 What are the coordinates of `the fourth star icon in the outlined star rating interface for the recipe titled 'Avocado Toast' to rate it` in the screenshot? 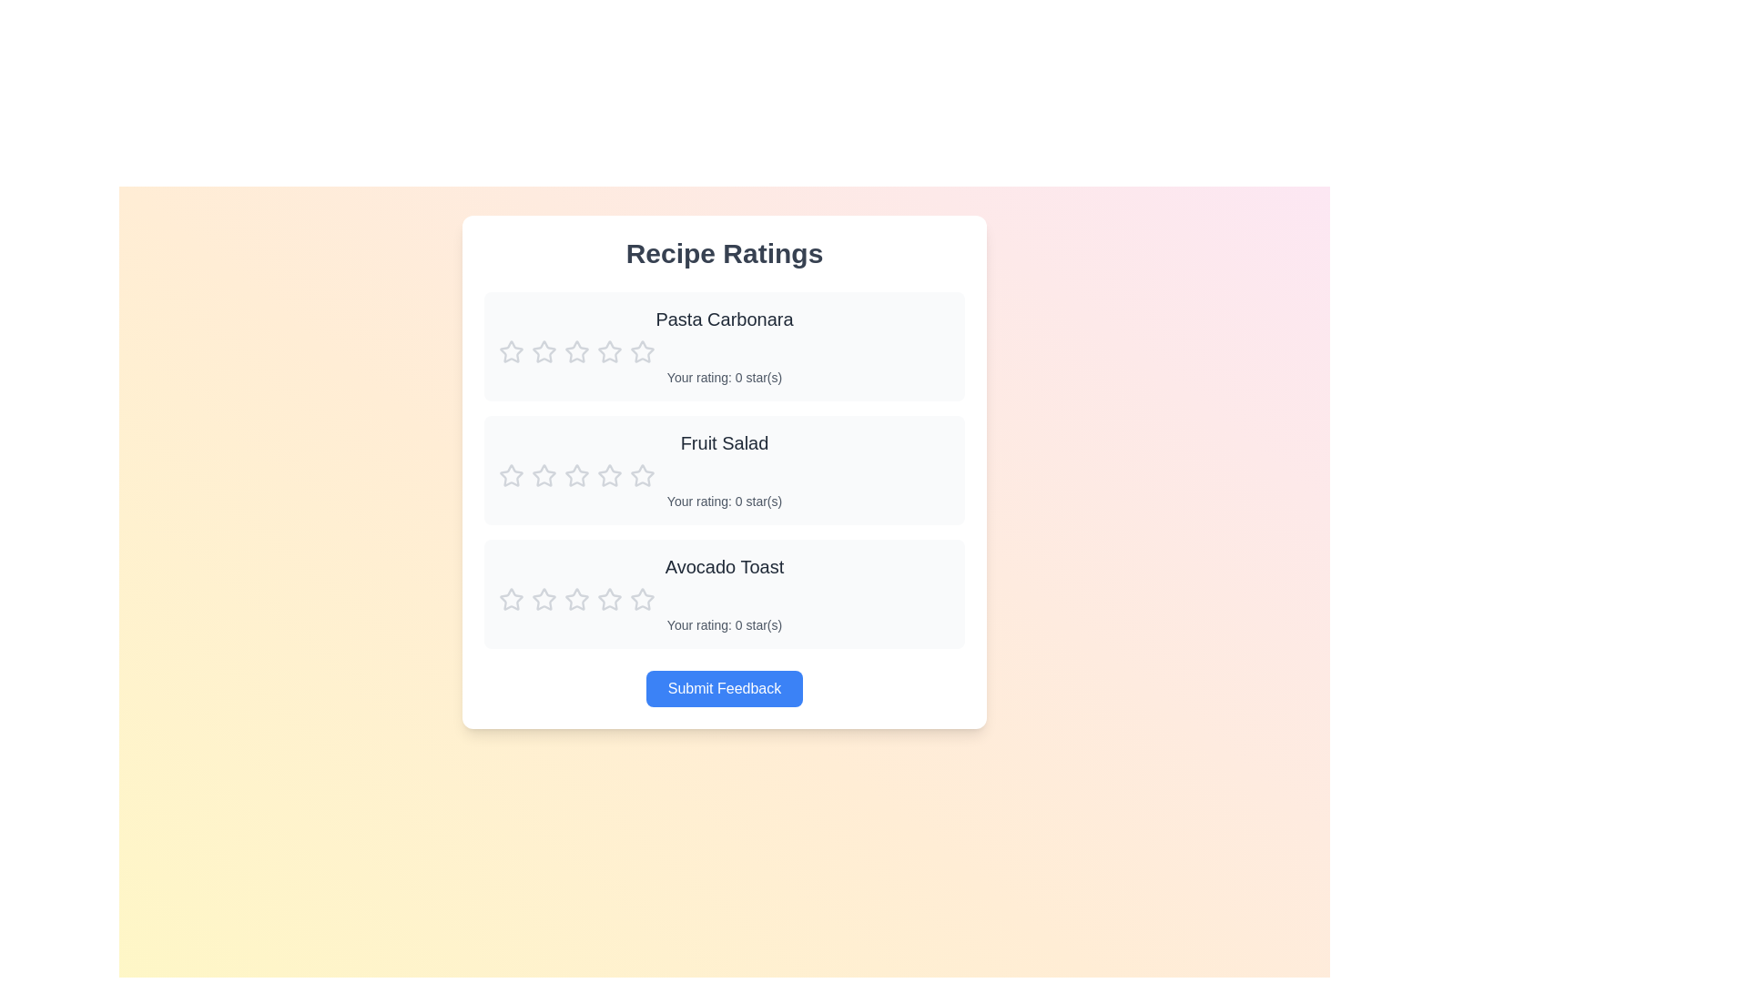 It's located at (575, 600).